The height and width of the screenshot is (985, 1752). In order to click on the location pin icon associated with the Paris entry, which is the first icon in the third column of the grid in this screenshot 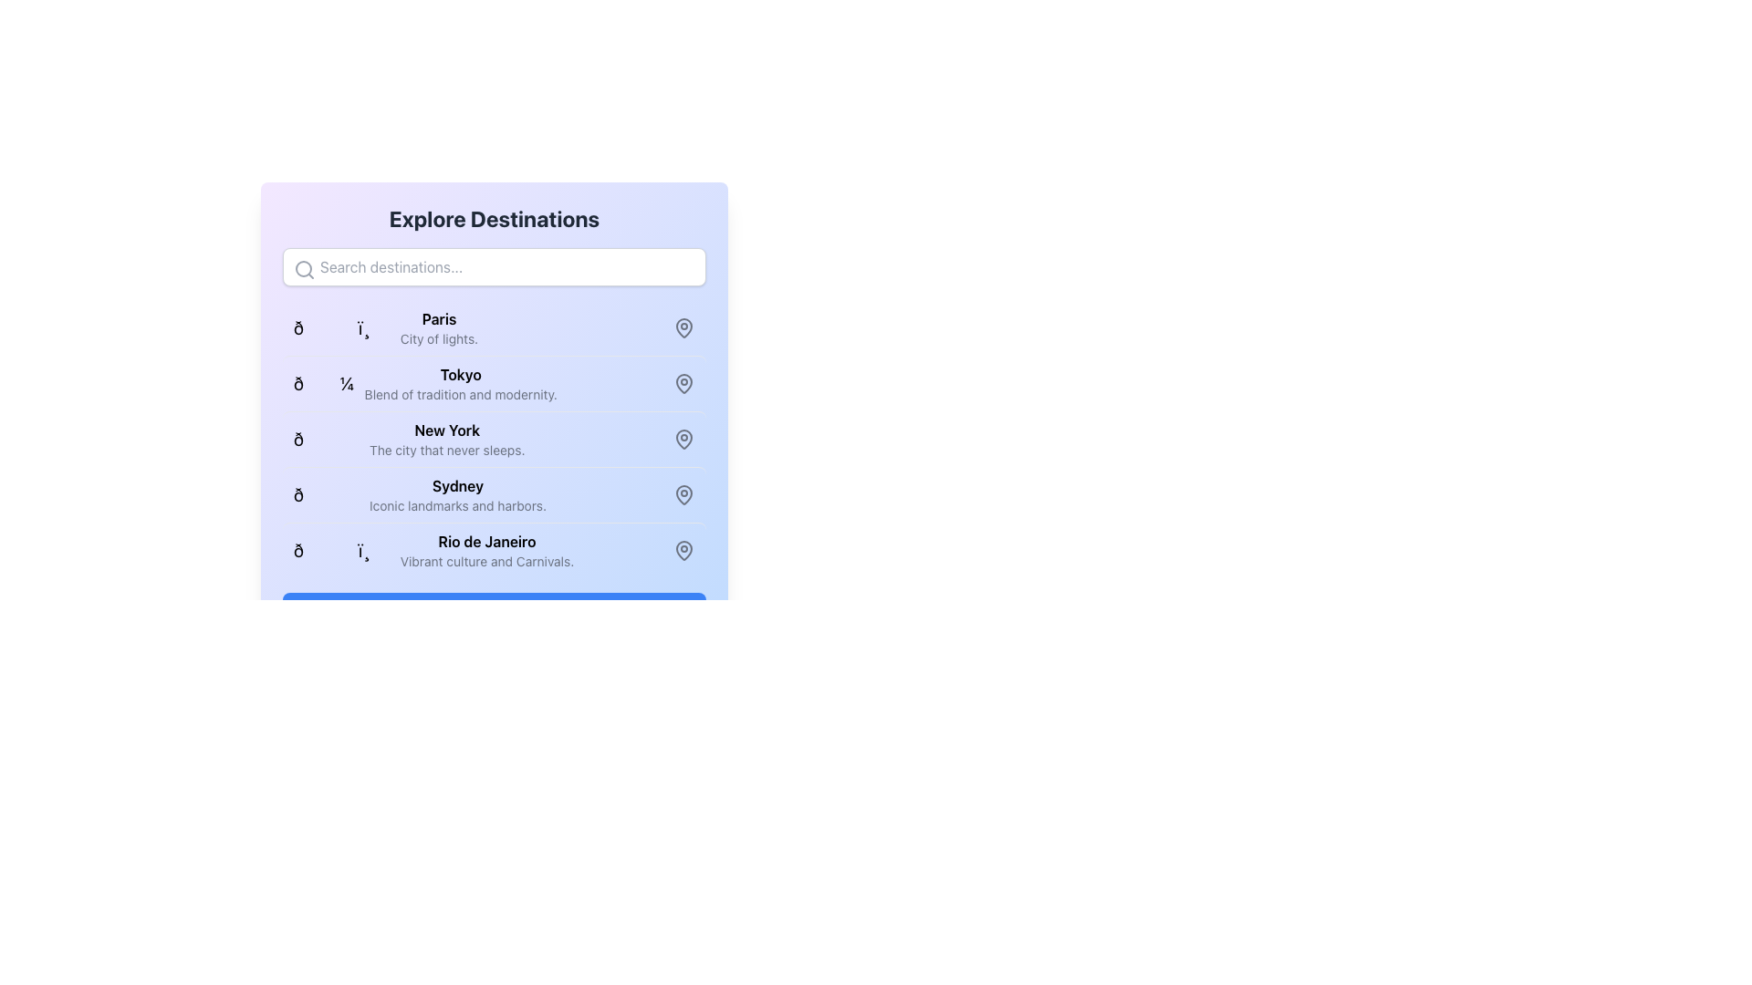, I will do `click(683, 326)`.